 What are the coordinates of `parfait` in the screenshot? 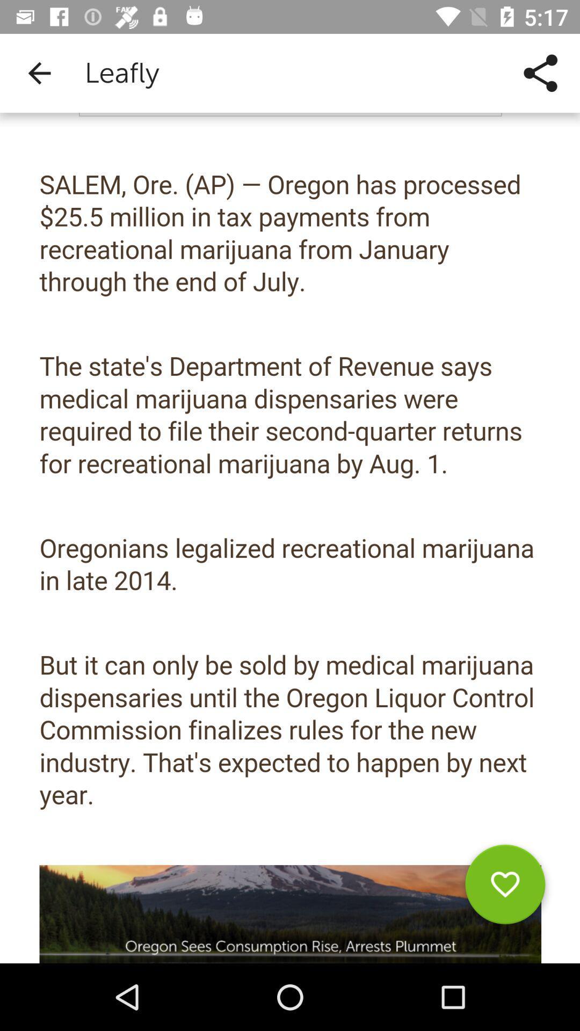 It's located at (505, 888).